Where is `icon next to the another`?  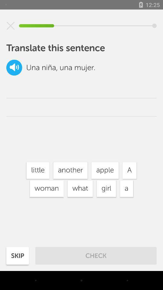 icon next to the another is located at coordinates (38, 170).